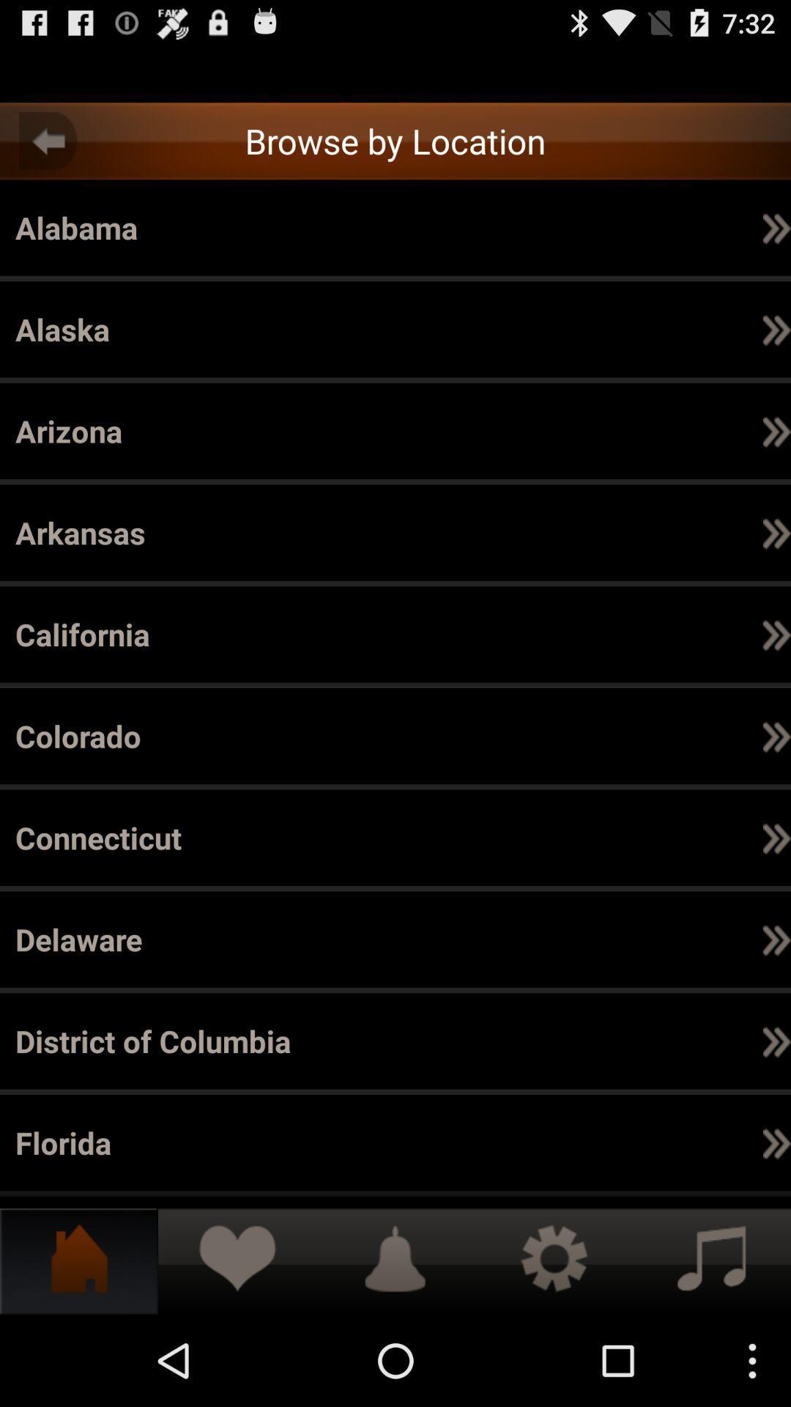  Describe the element at coordinates (635, 939) in the screenshot. I see `icon` at that location.